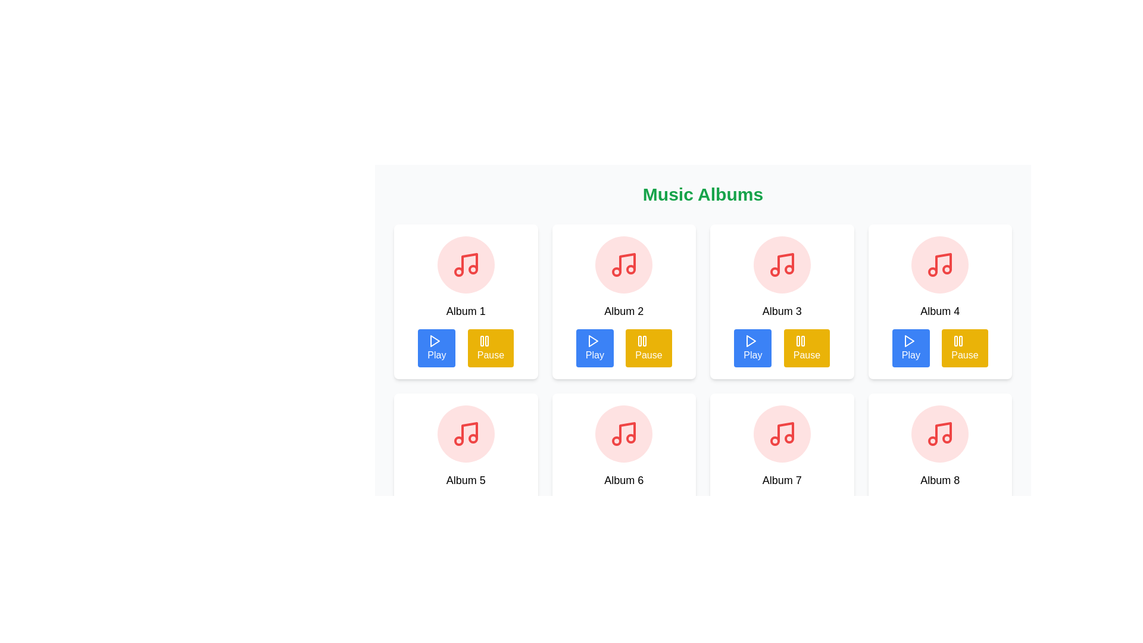  I want to click on the left-most circular SVG element of the music icon, located near the bottom-left of the music note shape, so click(932, 441).